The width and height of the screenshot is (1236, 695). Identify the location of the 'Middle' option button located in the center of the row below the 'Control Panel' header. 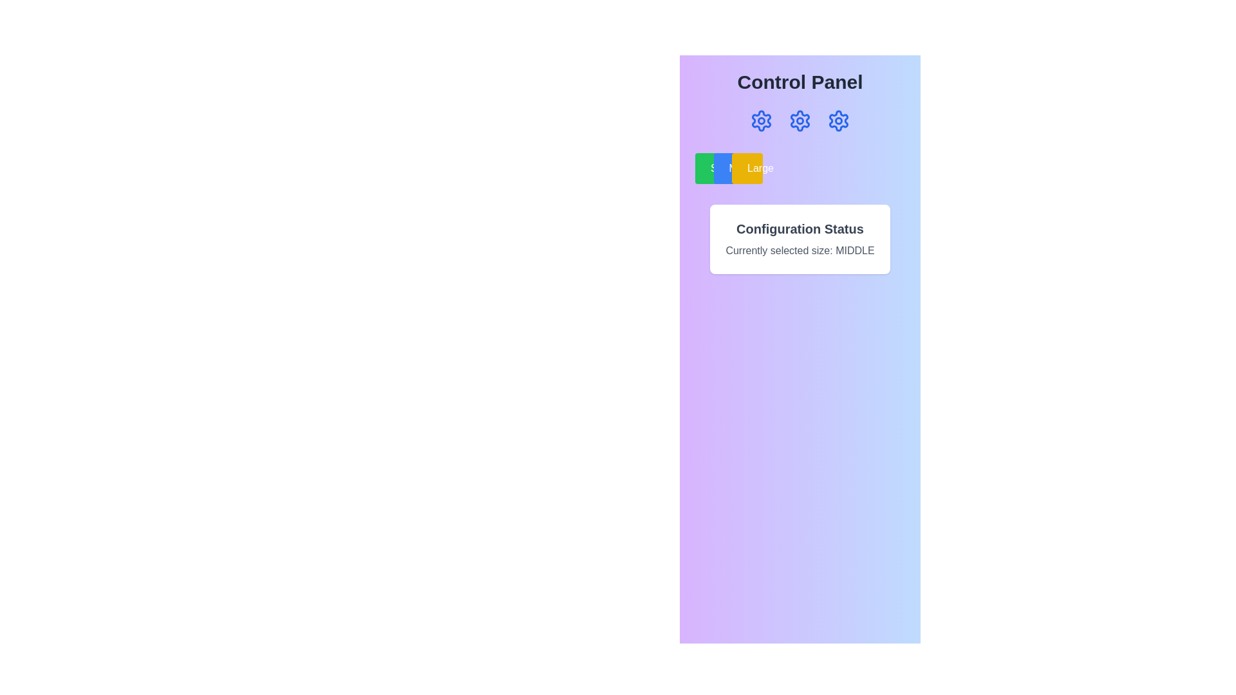
(729, 168).